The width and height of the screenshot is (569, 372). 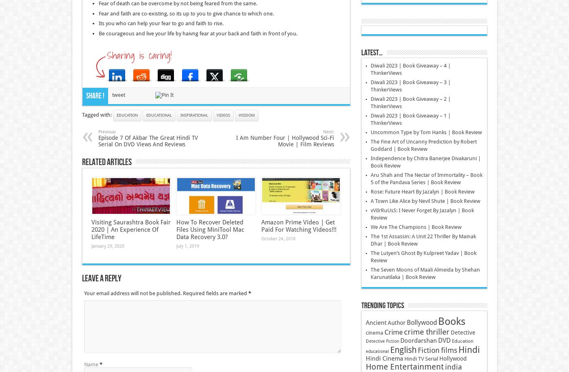 I want to click on 'Rose: Future Heart By Jazalyn | Book Review', so click(x=422, y=191).